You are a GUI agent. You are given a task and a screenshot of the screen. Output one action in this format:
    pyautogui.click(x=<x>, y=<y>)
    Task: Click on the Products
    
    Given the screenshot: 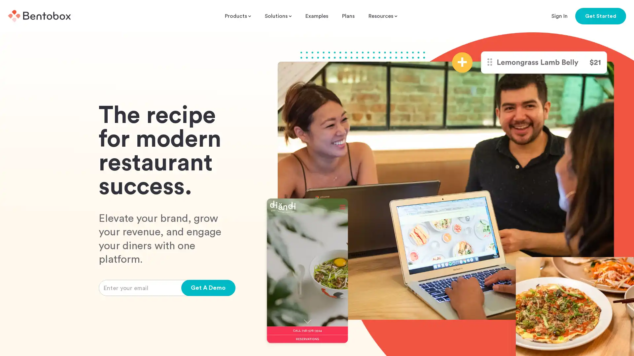 What is the action you would take?
    pyautogui.click(x=238, y=16)
    